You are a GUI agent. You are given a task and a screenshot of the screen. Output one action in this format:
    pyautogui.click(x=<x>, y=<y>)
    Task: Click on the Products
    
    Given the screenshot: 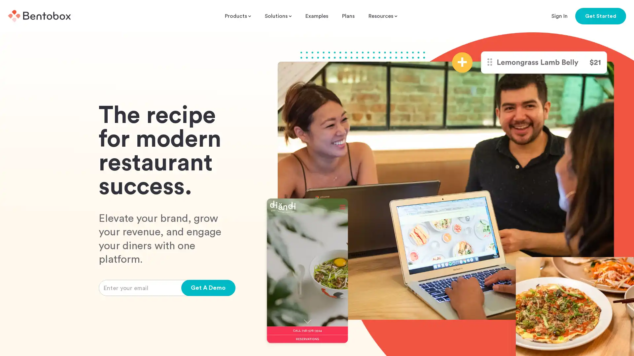 What is the action you would take?
    pyautogui.click(x=238, y=16)
    